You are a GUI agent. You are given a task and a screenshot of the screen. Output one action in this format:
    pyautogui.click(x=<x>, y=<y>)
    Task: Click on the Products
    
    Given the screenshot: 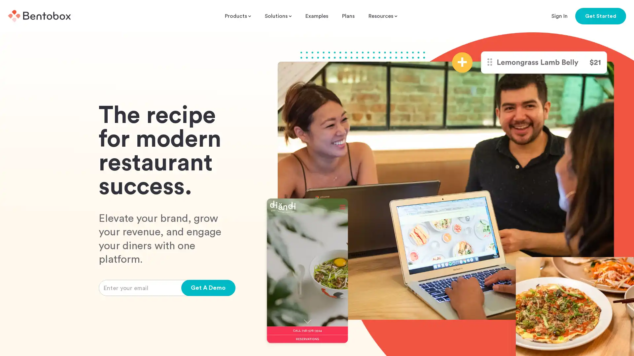 What is the action you would take?
    pyautogui.click(x=238, y=16)
    